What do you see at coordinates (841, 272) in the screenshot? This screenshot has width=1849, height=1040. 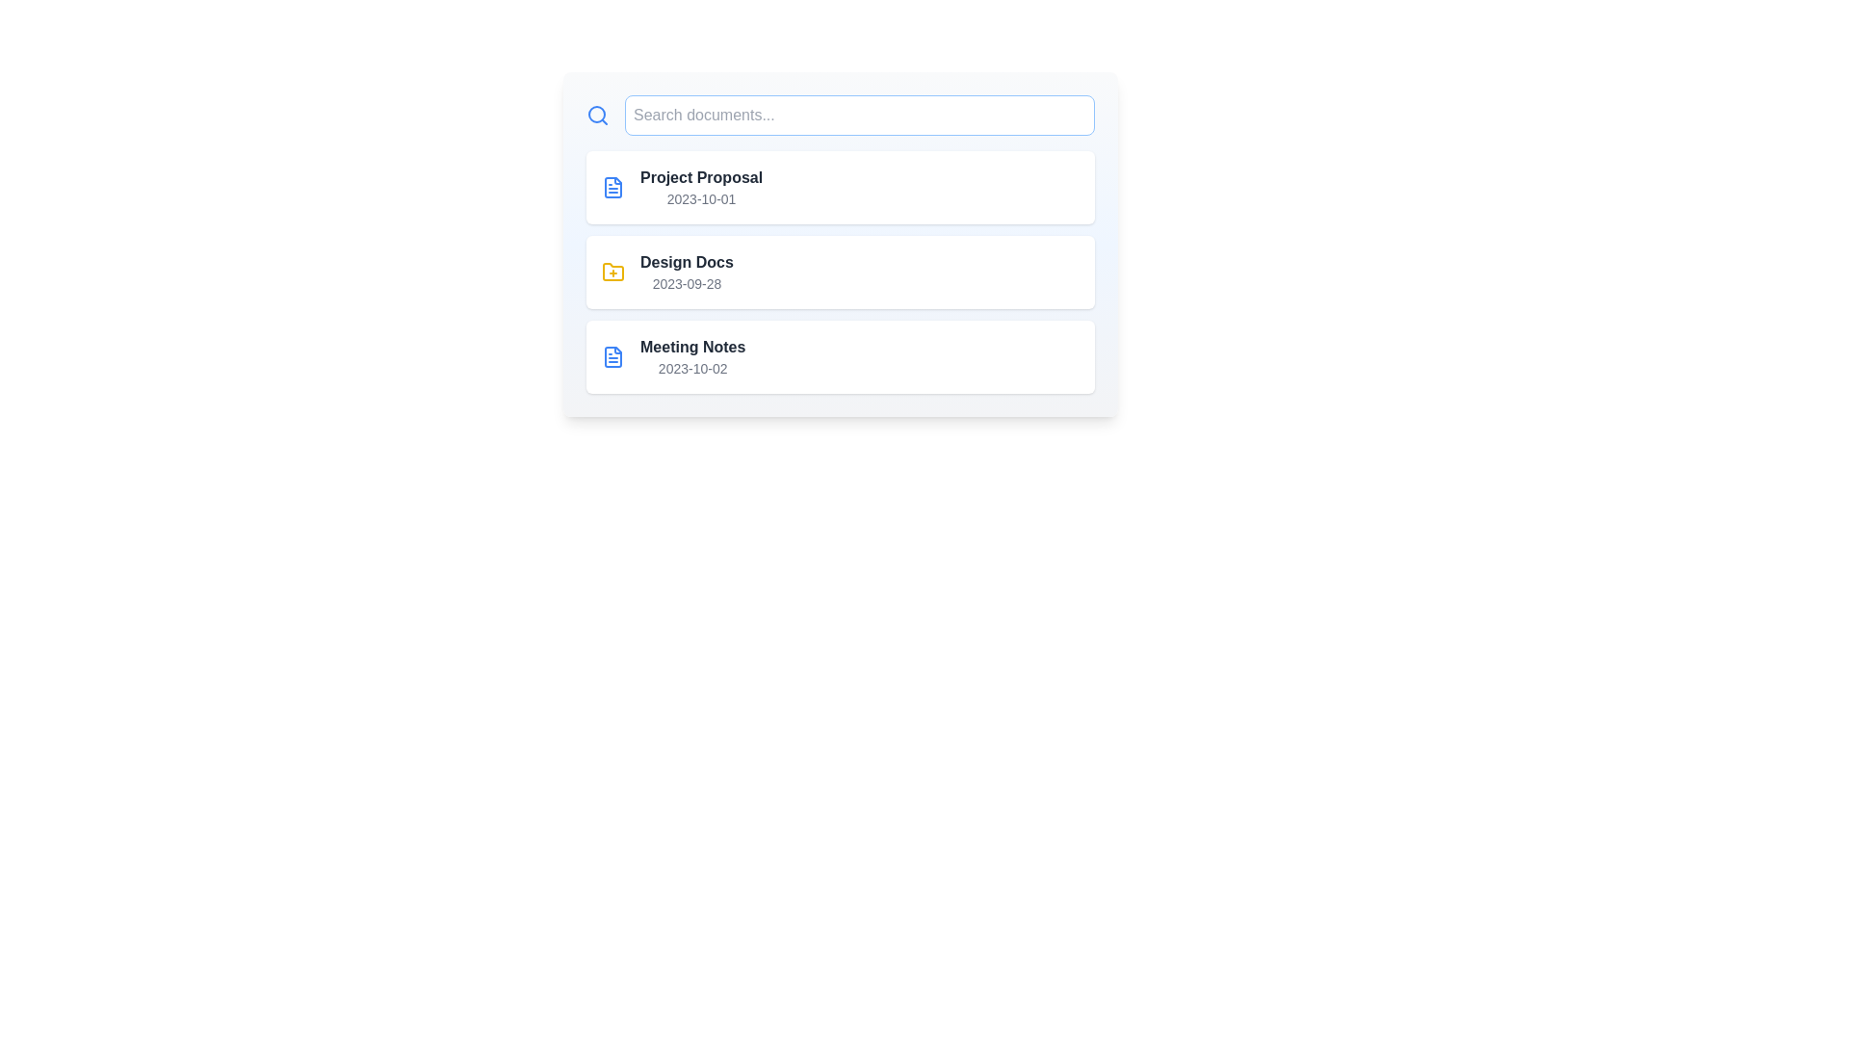 I see `the document item titled Design Docs to select it` at bounding box center [841, 272].